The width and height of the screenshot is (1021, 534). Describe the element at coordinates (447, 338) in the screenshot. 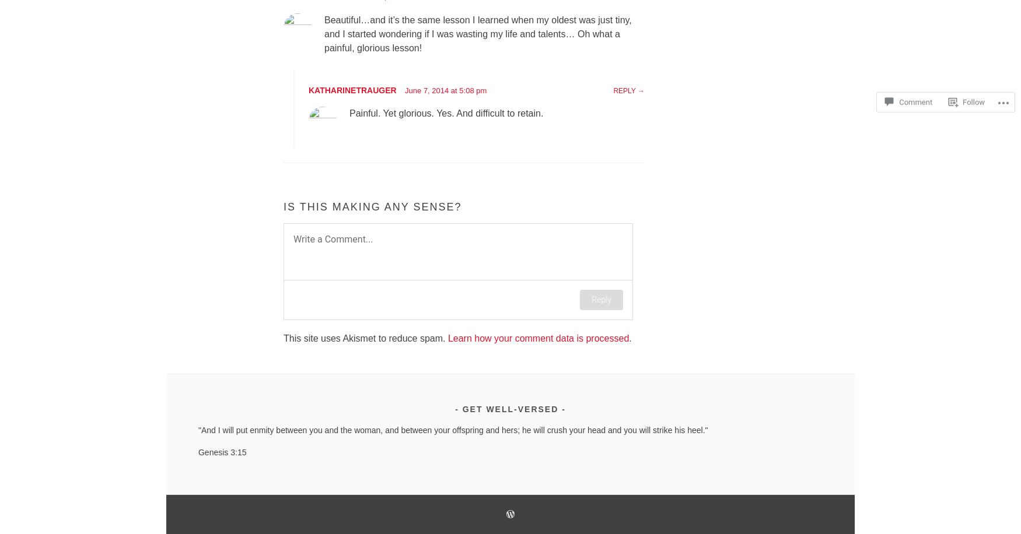

I see `'Learn how your comment data is processed'` at that location.